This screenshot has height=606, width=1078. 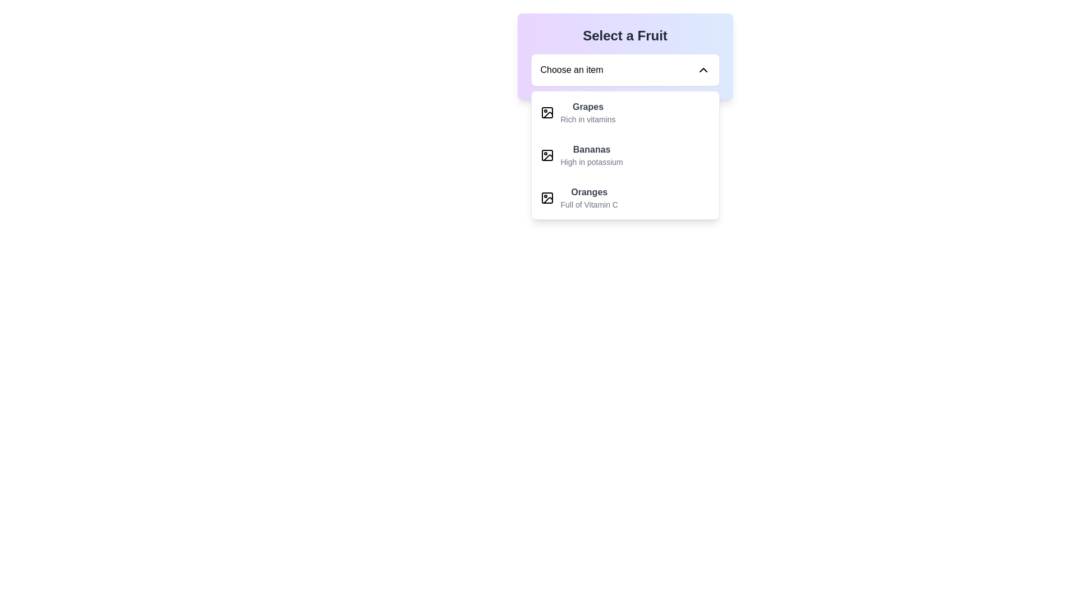 I want to click on the icon representing 'Grapes' located to the left of the text 'Grapes' and 'Rich in vitamins' in the list under 'Select a Fruit', so click(x=550, y=112).